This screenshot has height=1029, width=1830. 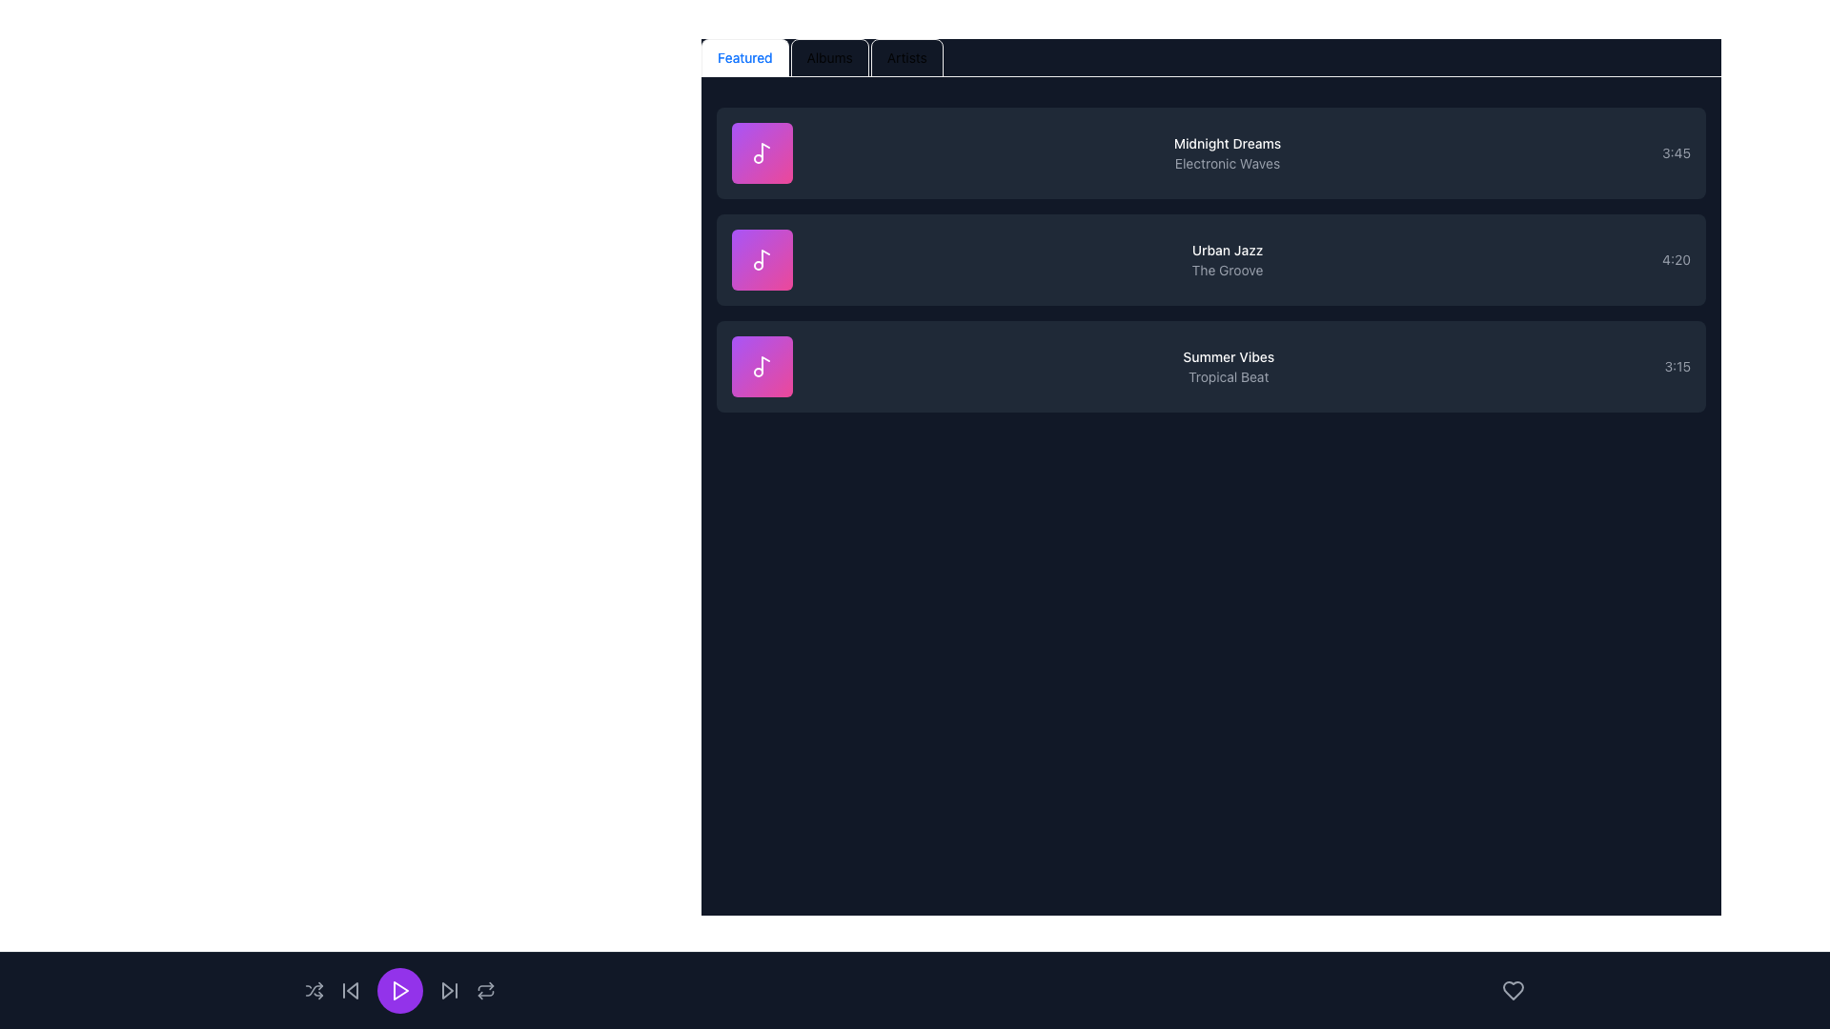 I want to click on the visual indicator (animated bar) located under the 'Featured' tab in the tab navigation bar, which serves as the active tab indicator, so click(x=743, y=75).